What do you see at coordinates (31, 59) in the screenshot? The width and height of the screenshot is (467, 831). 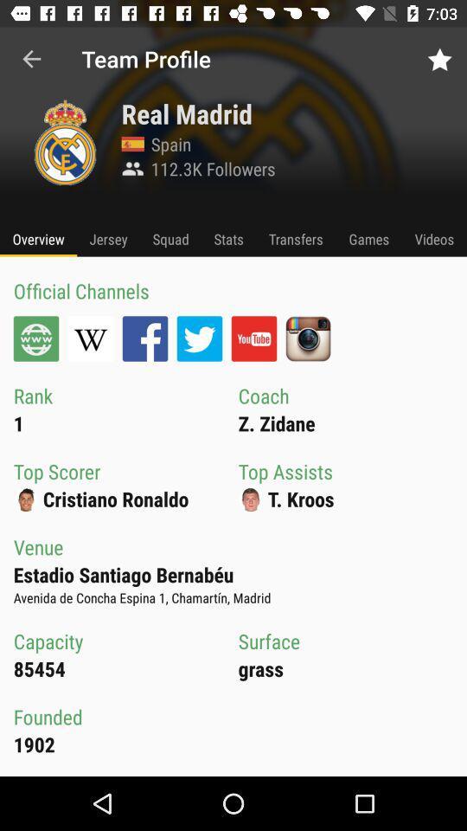 I see `icon to the left of the team profile item` at bounding box center [31, 59].